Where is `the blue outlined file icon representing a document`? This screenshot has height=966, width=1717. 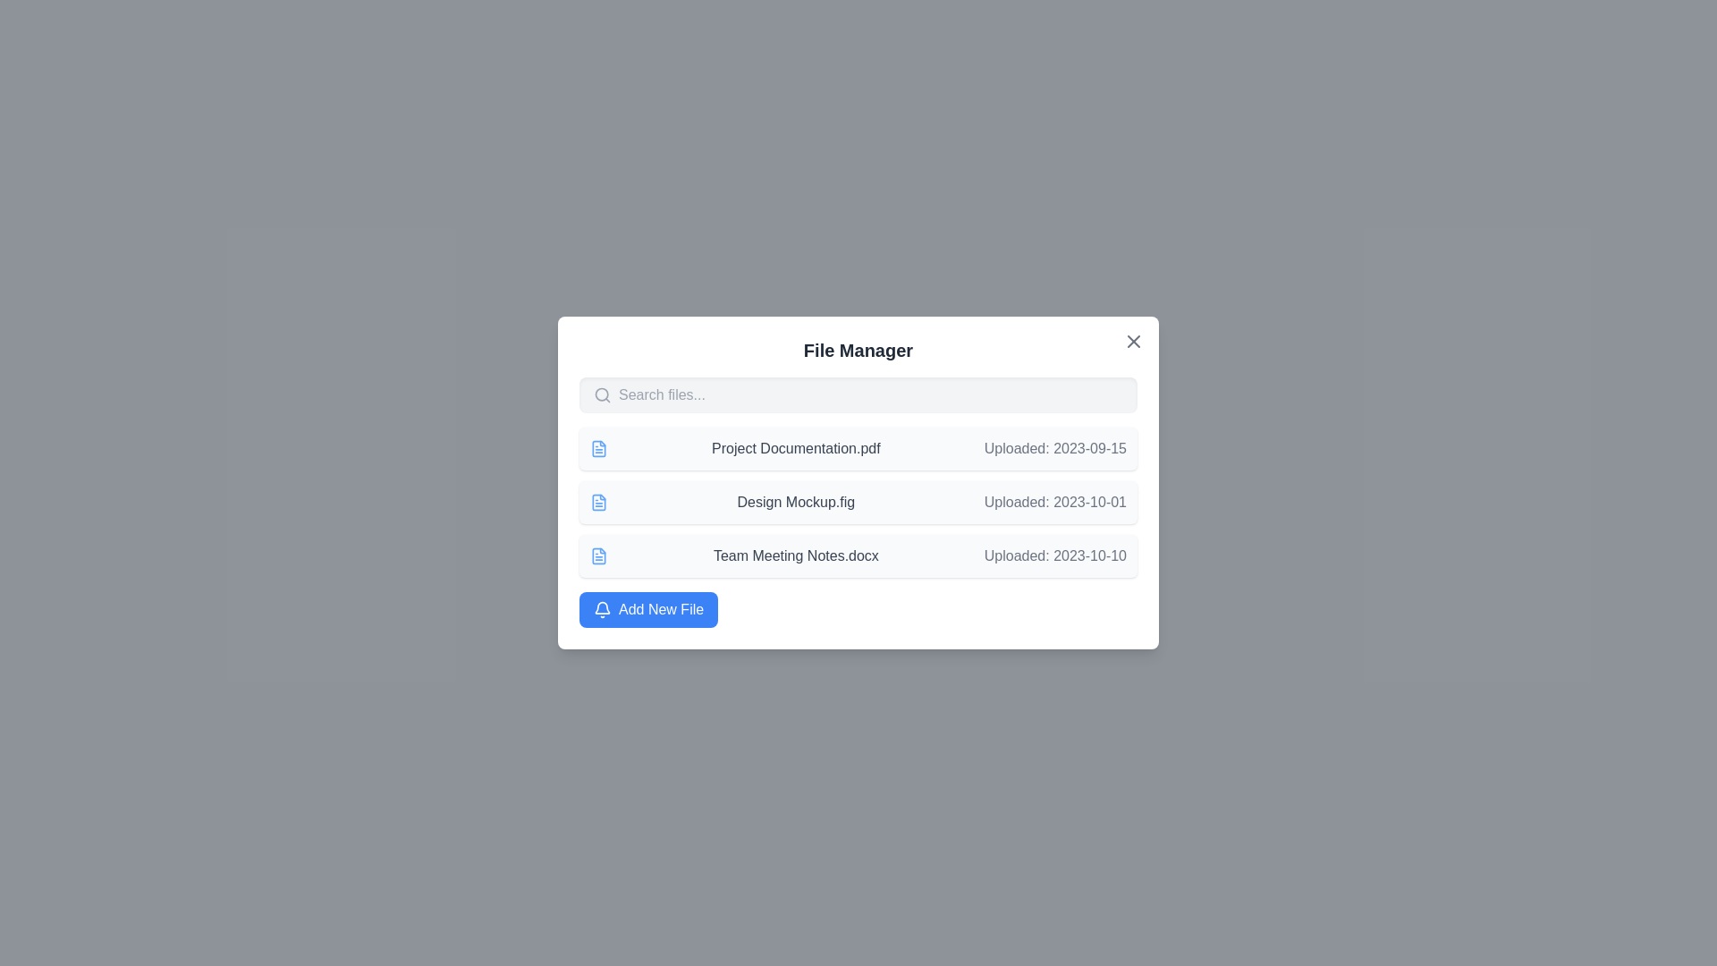 the blue outlined file icon representing a document is located at coordinates (599, 447).